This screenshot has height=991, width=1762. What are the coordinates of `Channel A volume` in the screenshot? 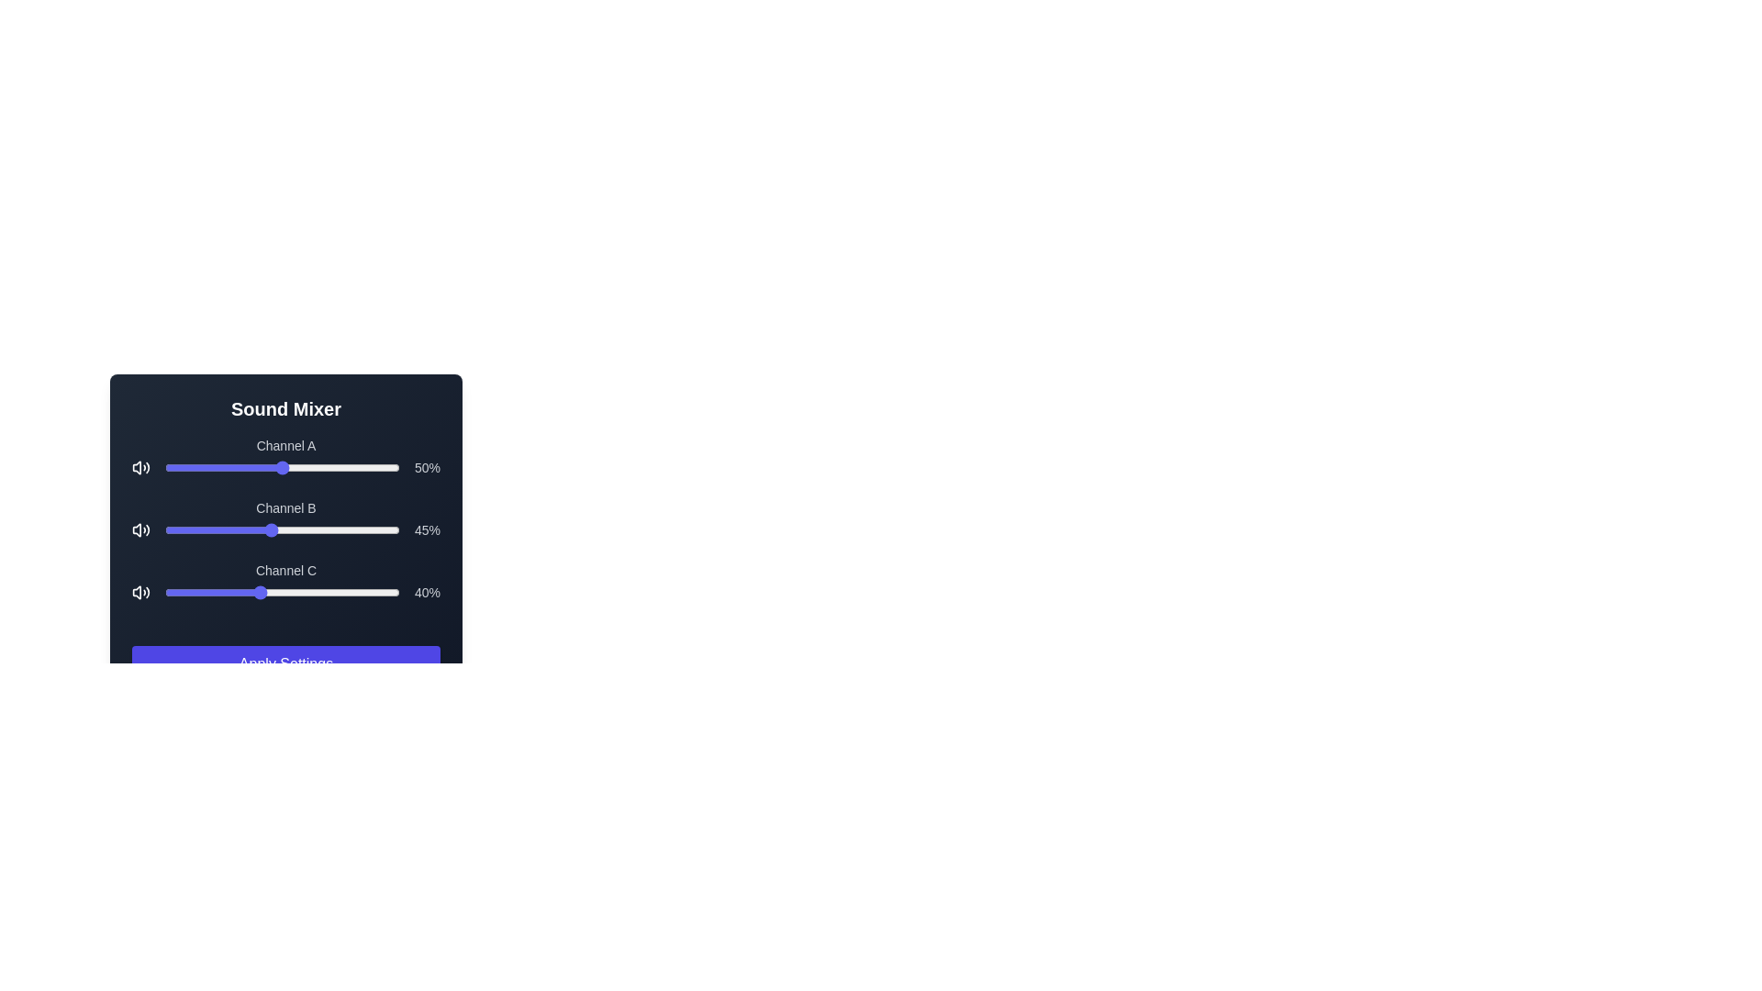 It's located at (288, 466).